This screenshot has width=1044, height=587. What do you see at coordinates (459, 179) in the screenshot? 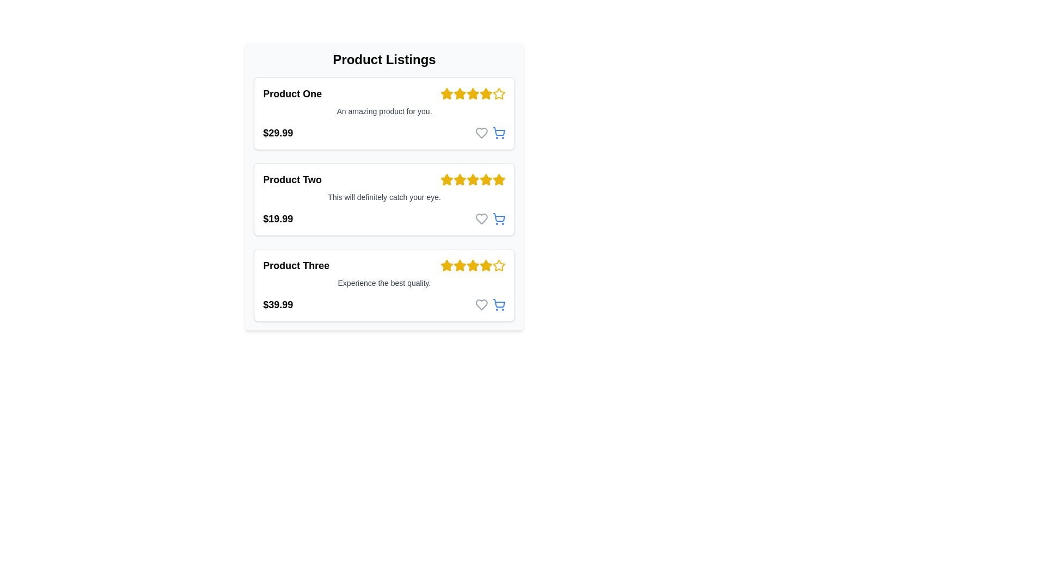
I see `the third star icon, which represents the third level of the rating for 'Product Two', positioned directly under the 'Product Two' title` at bounding box center [459, 179].